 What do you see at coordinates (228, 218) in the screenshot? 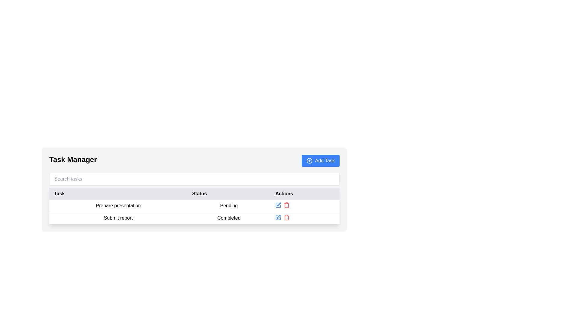
I see `the text label displaying 'Completed' in the second row of the 'Status' column for the task 'Submit report'` at bounding box center [228, 218].